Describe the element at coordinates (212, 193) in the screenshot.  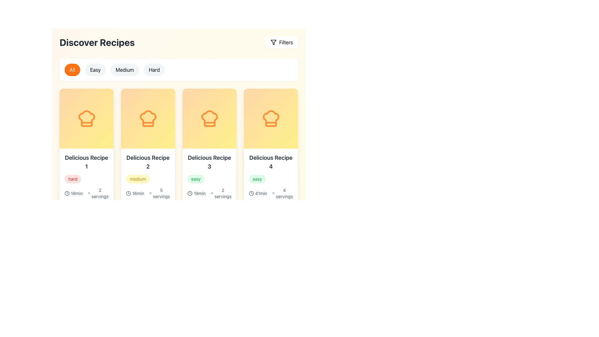
I see `the user silhouettes icon located in the '2 servings' section of the 'Delicious Recipe 3' card` at that location.